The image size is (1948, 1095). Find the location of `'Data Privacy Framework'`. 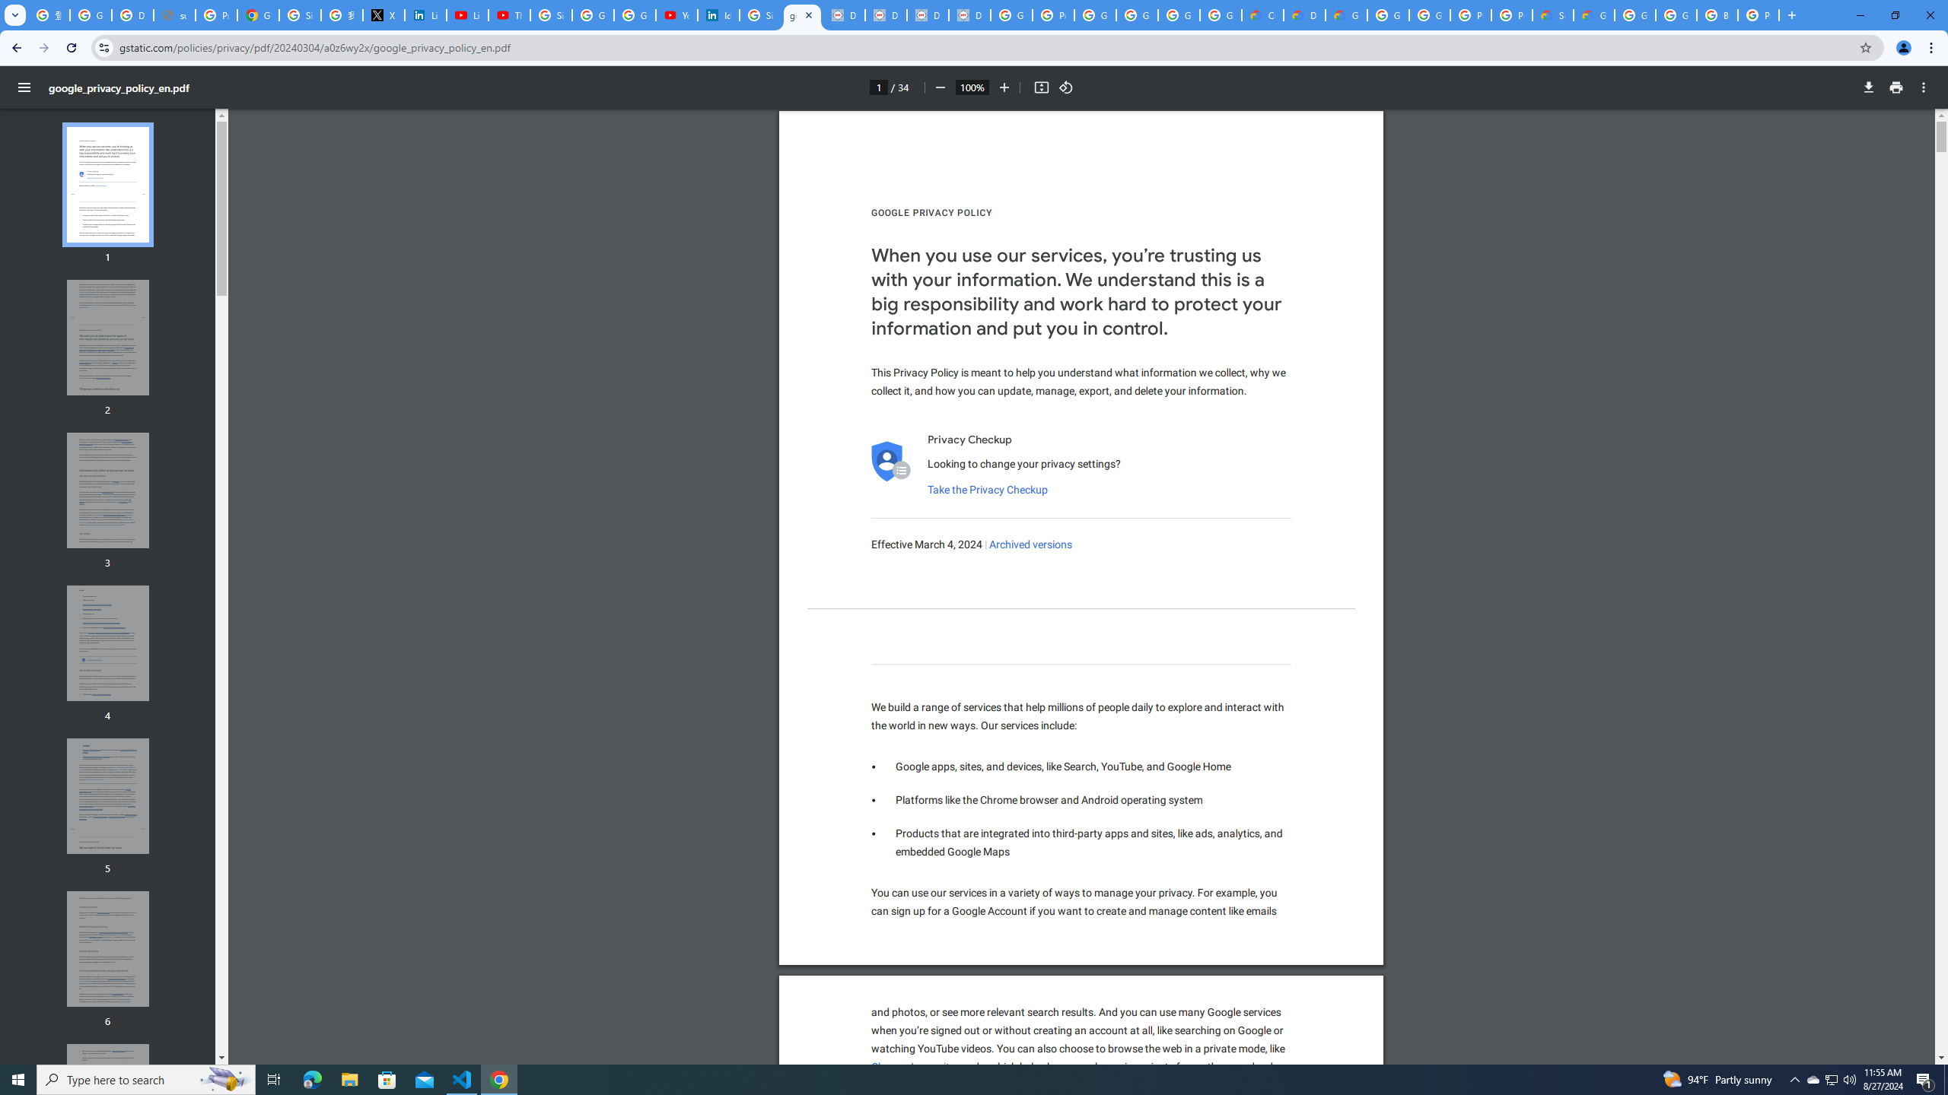

'Data Privacy Framework' is located at coordinates (885, 14).